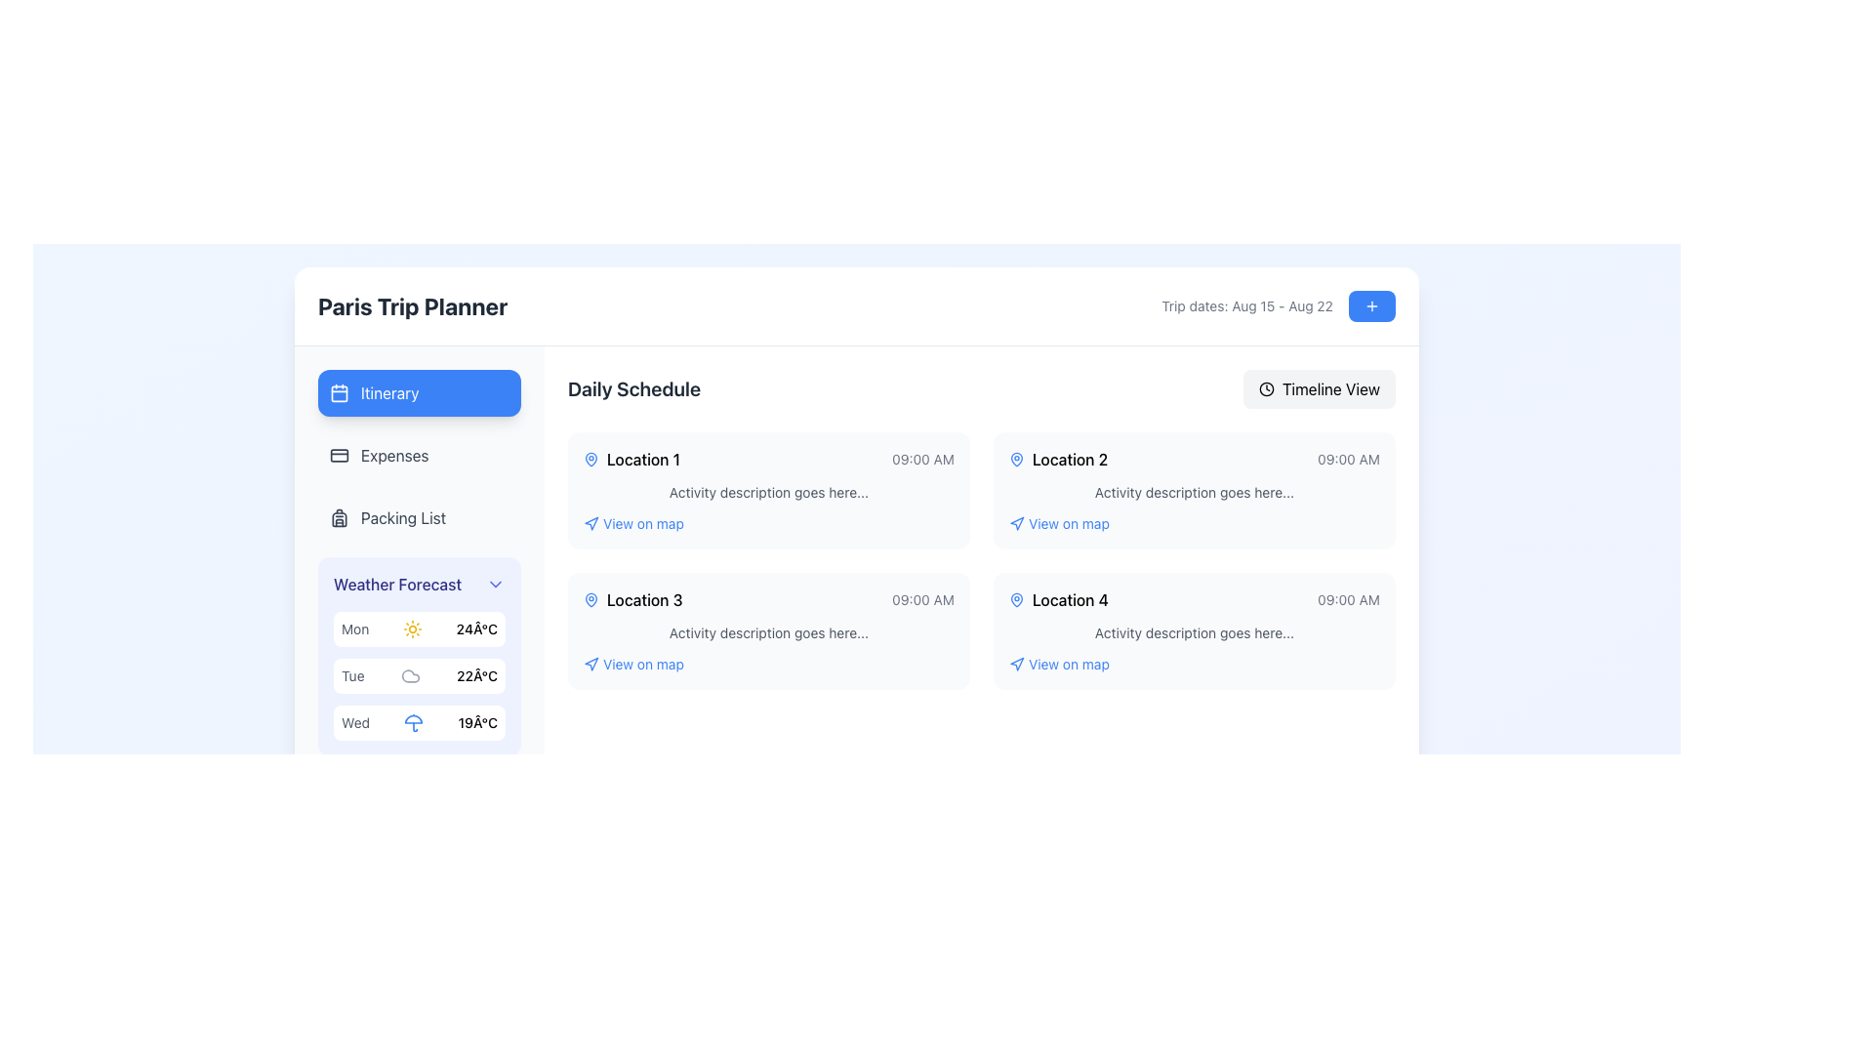  What do you see at coordinates (419, 517) in the screenshot?
I see `the 'Packing List' button, which is located in the left sidebar beneath 'Expenses' and above 'Weather Forecast'. It features a backpack icon on the left and gray text` at bounding box center [419, 517].